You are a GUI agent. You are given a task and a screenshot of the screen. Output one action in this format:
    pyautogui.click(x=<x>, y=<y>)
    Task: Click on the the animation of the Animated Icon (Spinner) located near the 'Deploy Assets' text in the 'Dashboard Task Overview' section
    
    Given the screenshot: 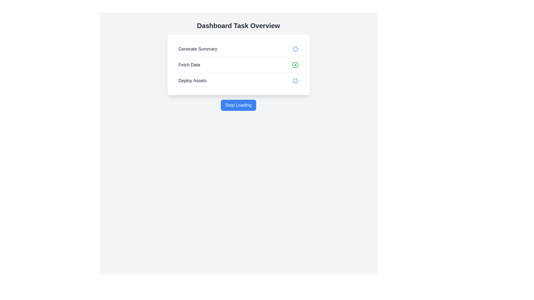 What is the action you would take?
    pyautogui.click(x=295, y=81)
    